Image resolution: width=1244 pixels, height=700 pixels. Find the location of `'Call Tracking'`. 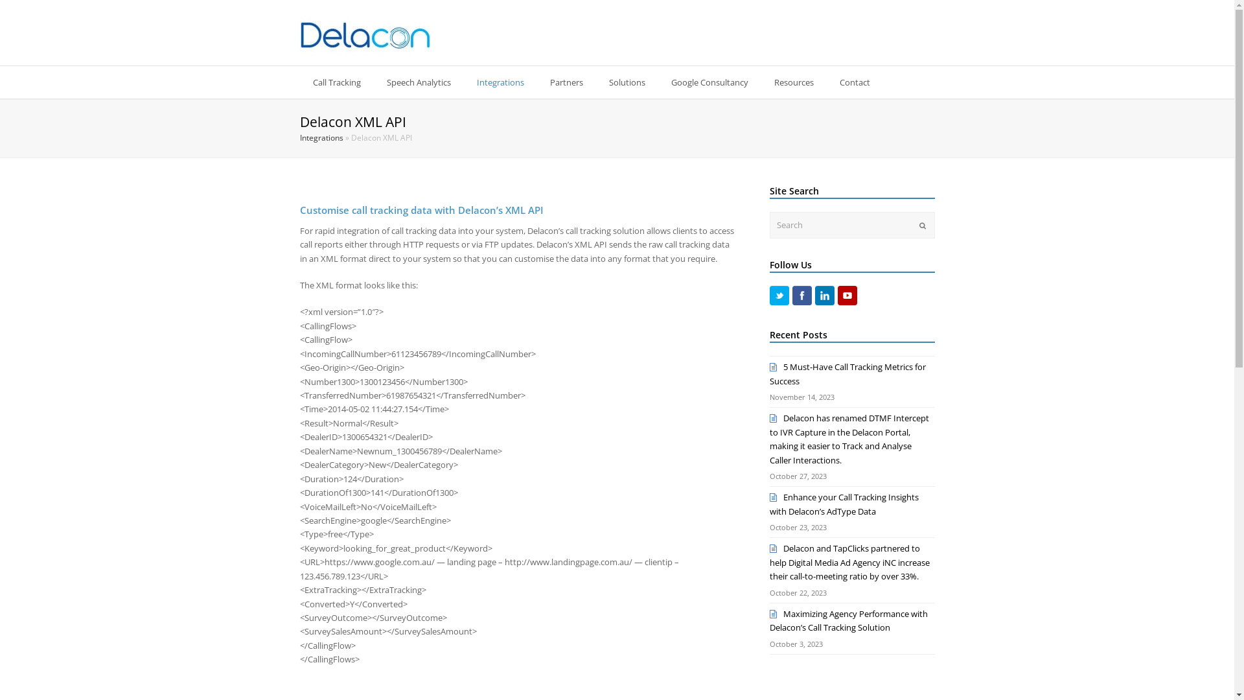

'Call Tracking' is located at coordinates (298, 82).